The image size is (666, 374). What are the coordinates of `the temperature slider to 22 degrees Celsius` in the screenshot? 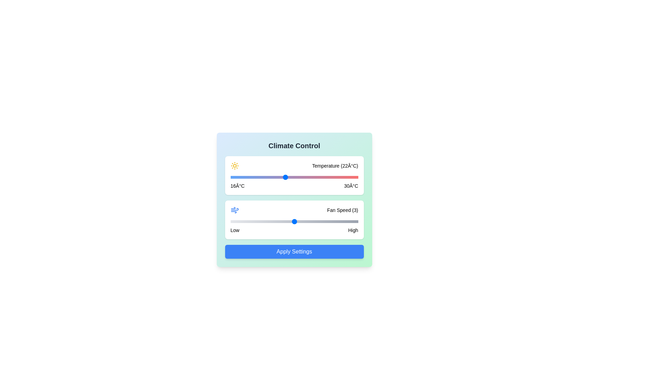 It's located at (285, 177).